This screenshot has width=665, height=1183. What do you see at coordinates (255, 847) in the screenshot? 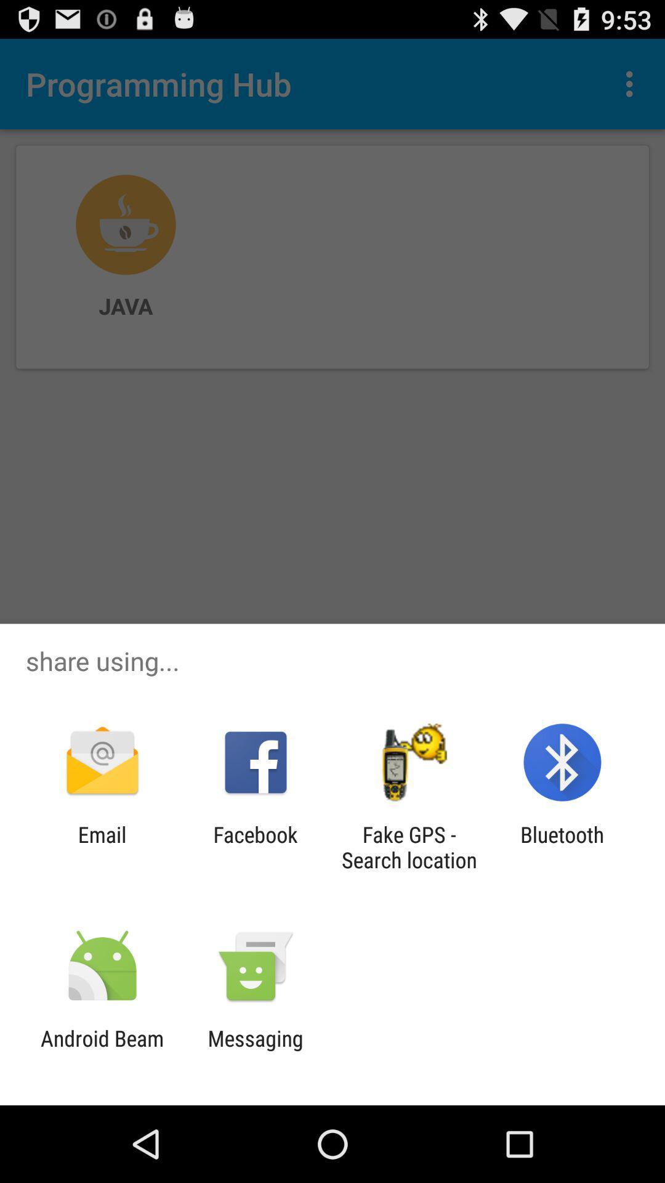
I see `the icon to the right of email` at bounding box center [255, 847].